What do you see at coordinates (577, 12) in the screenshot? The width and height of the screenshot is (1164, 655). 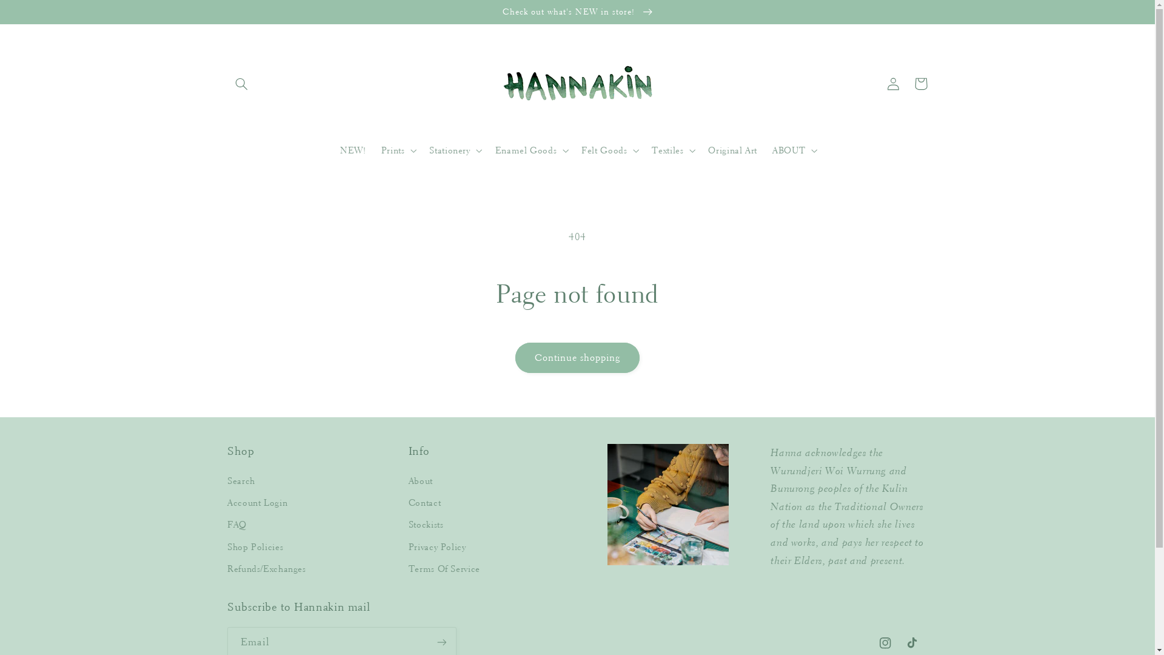 I see `'Check out what's NEW in store!'` at bounding box center [577, 12].